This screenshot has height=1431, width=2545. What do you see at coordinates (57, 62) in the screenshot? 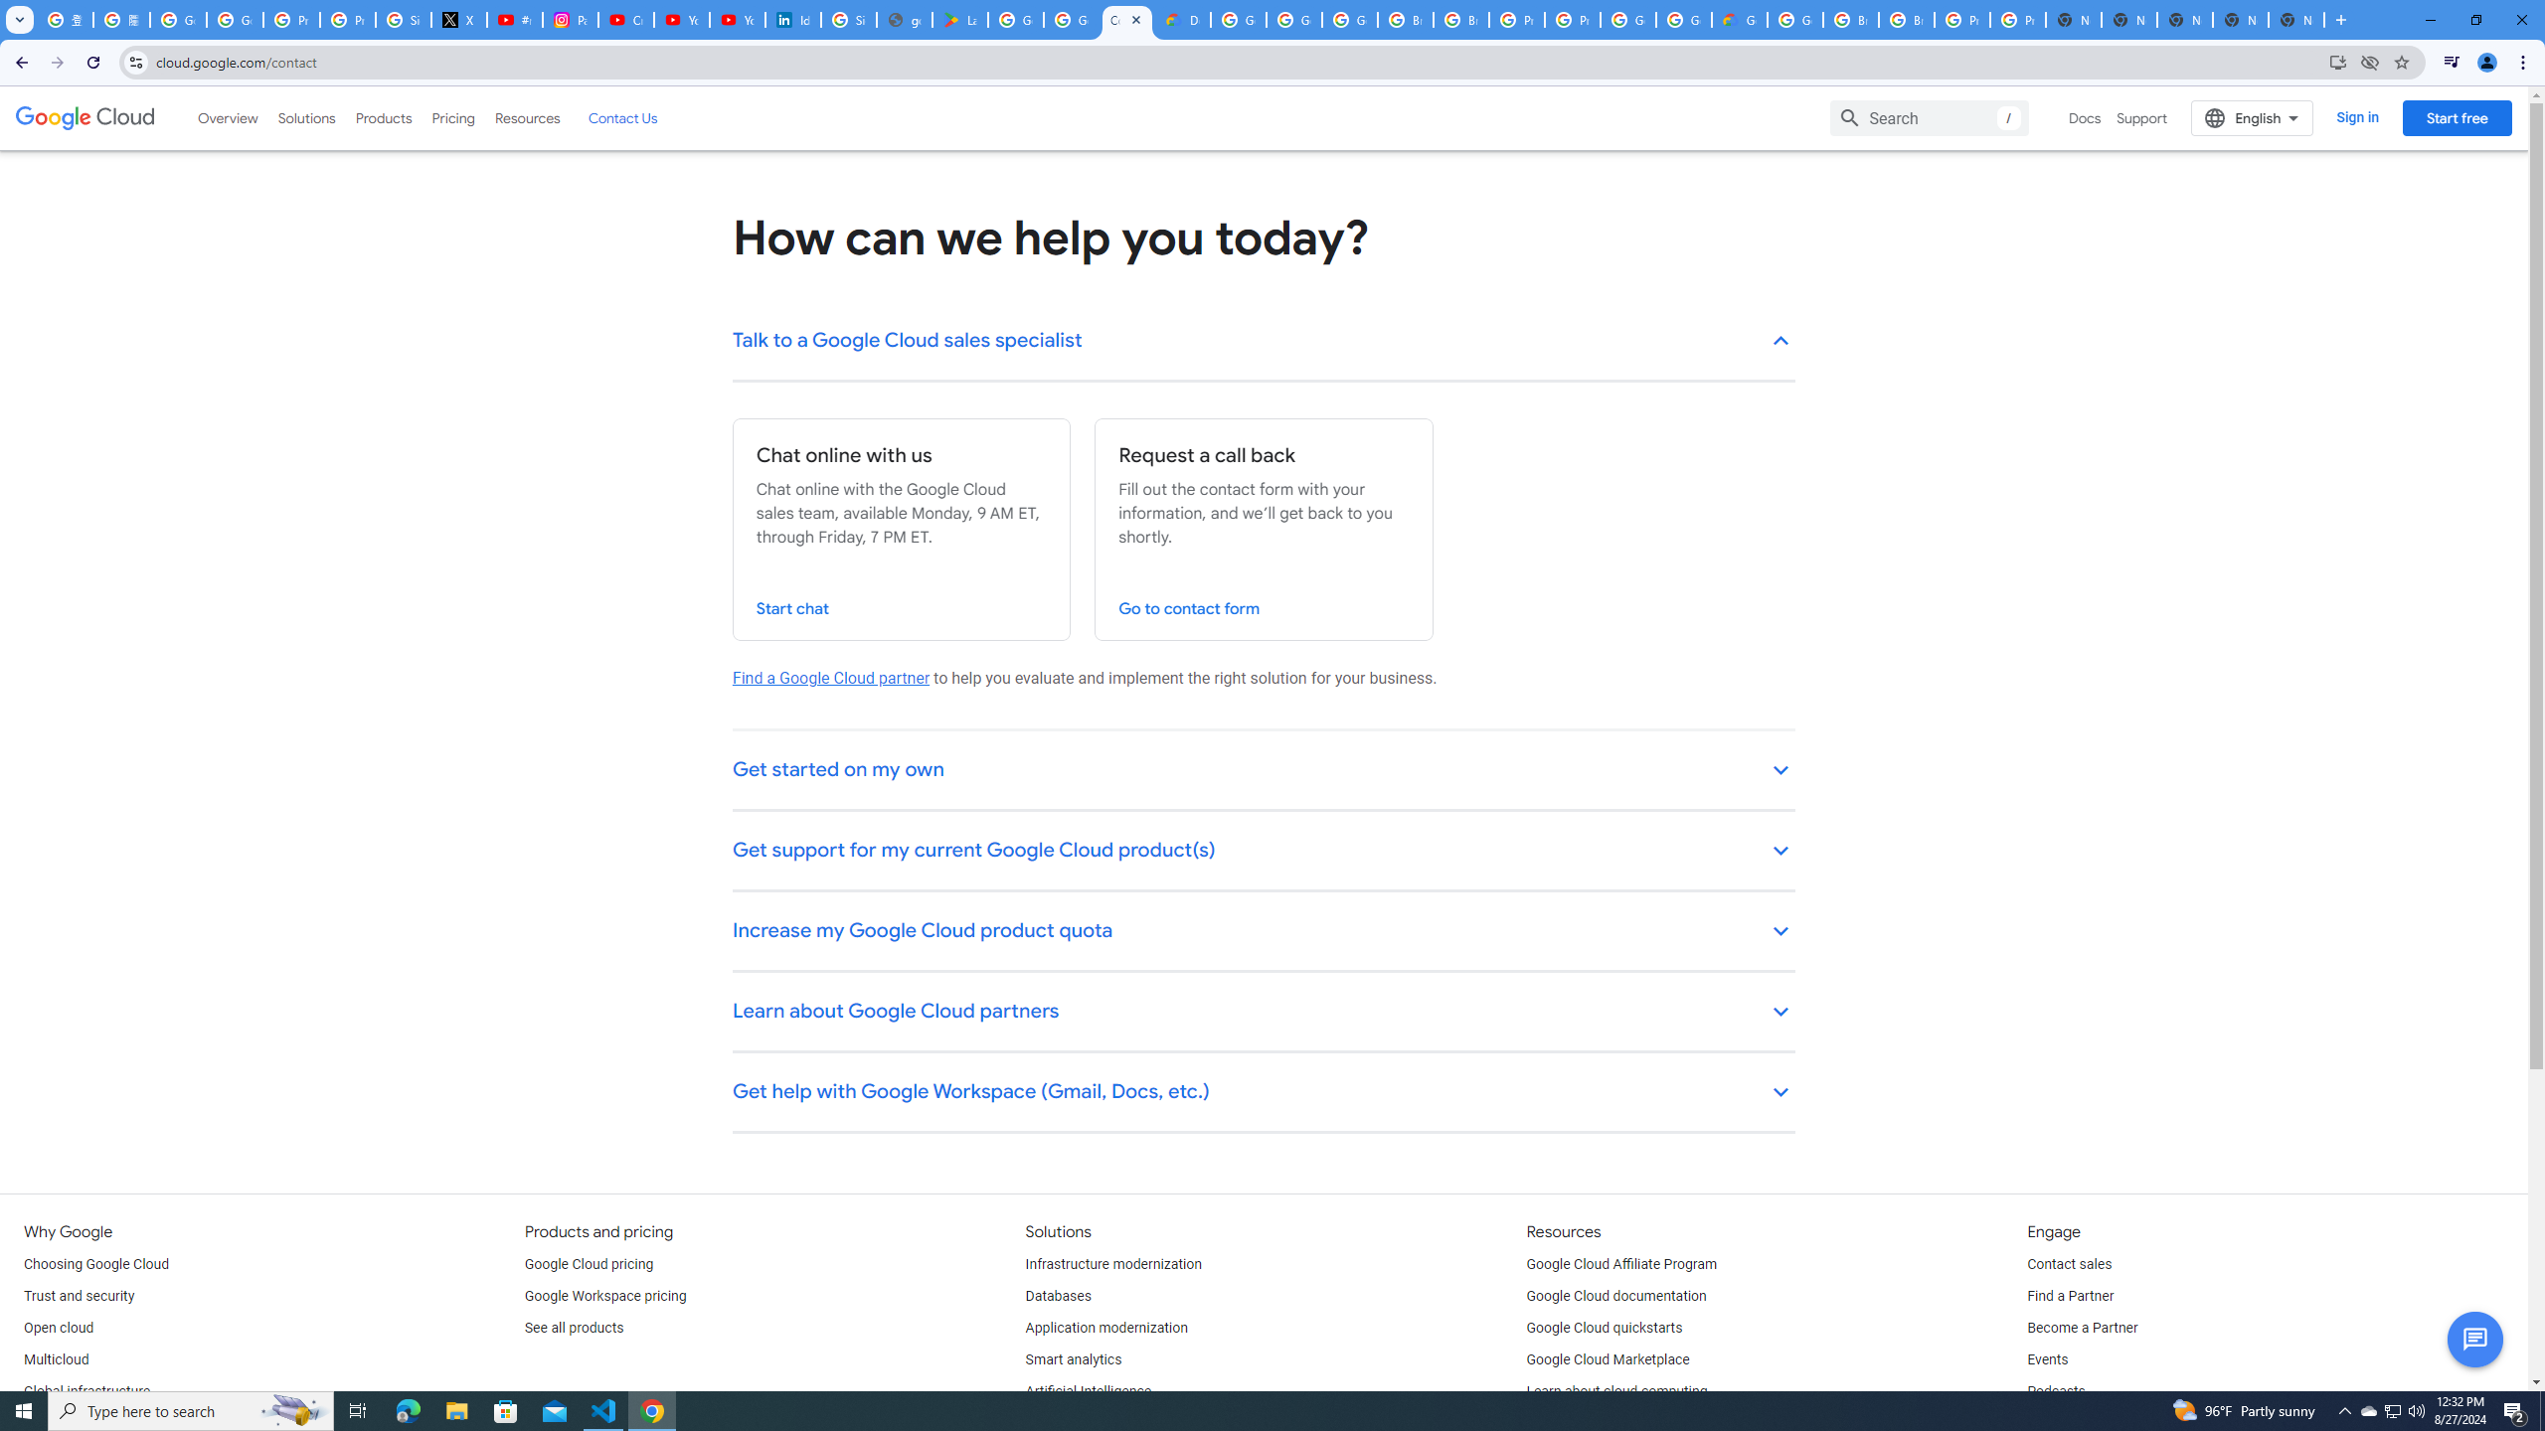
I see `'Forward'` at bounding box center [57, 62].